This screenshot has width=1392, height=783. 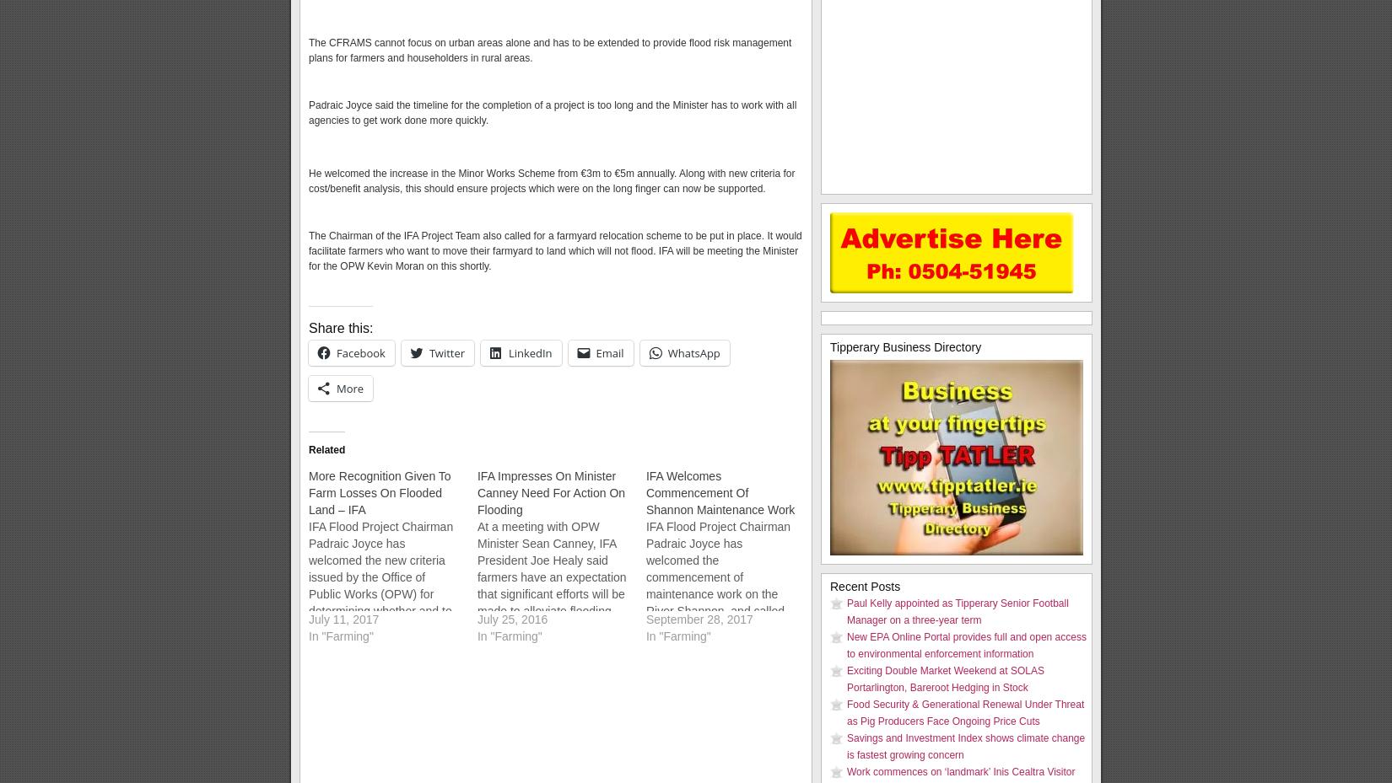 What do you see at coordinates (336, 387) in the screenshot?
I see `'More'` at bounding box center [336, 387].